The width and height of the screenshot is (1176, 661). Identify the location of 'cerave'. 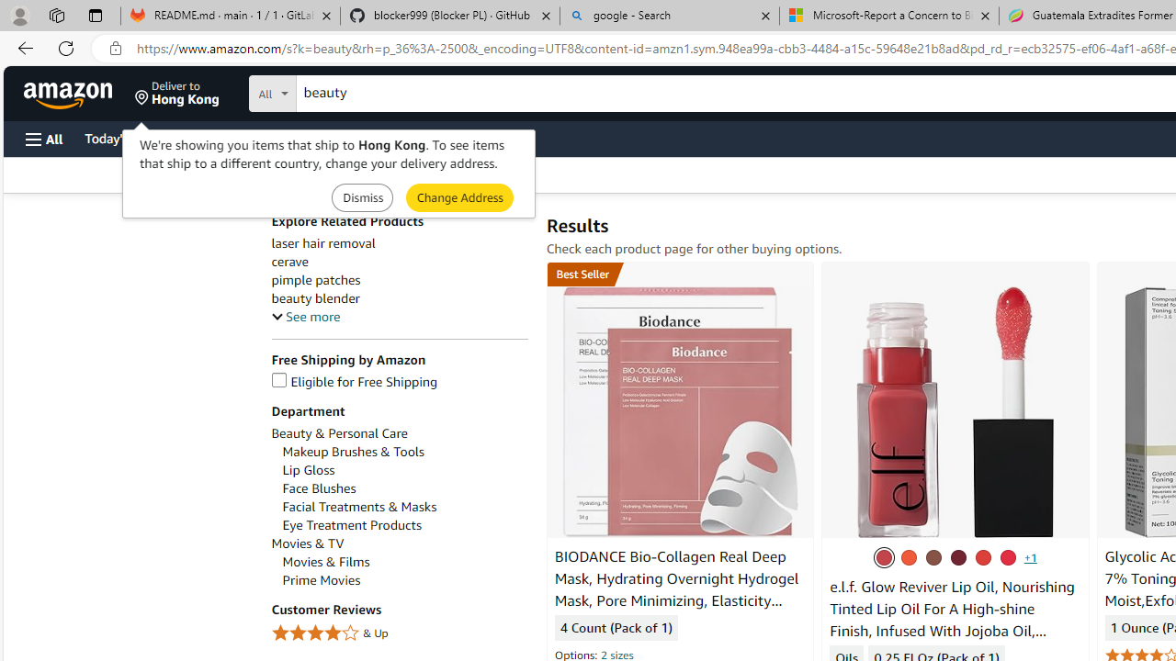
(398, 262).